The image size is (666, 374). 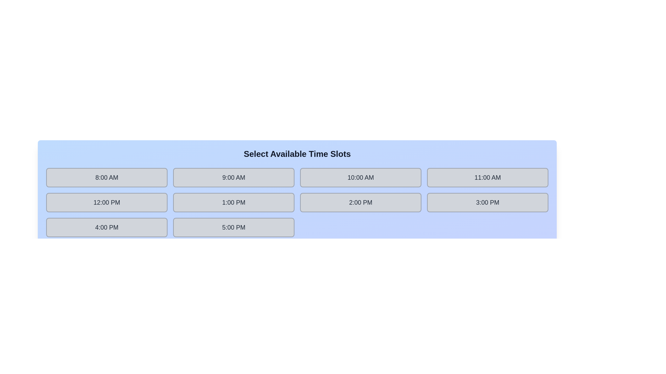 I want to click on the time slot labeled 9:00 AM, so click(x=233, y=177).